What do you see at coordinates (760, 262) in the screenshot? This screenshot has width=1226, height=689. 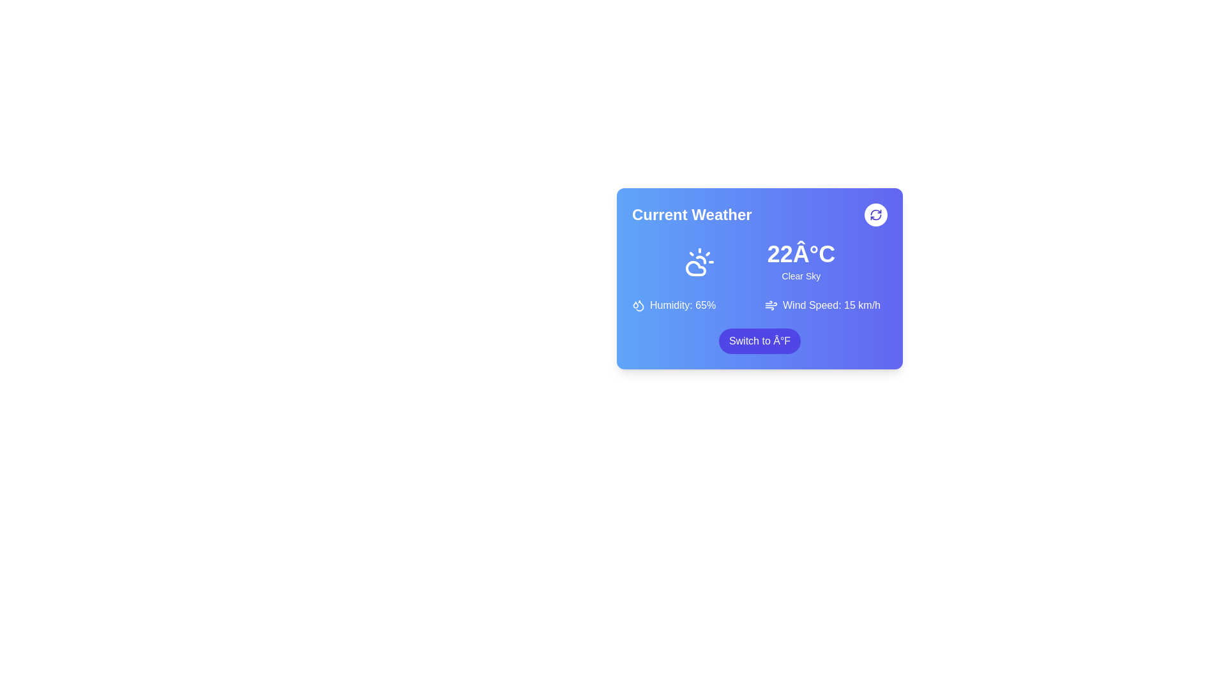 I see `the Static Content Section that displays the current weather condition, located within the 'Current Weather' card` at bounding box center [760, 262].